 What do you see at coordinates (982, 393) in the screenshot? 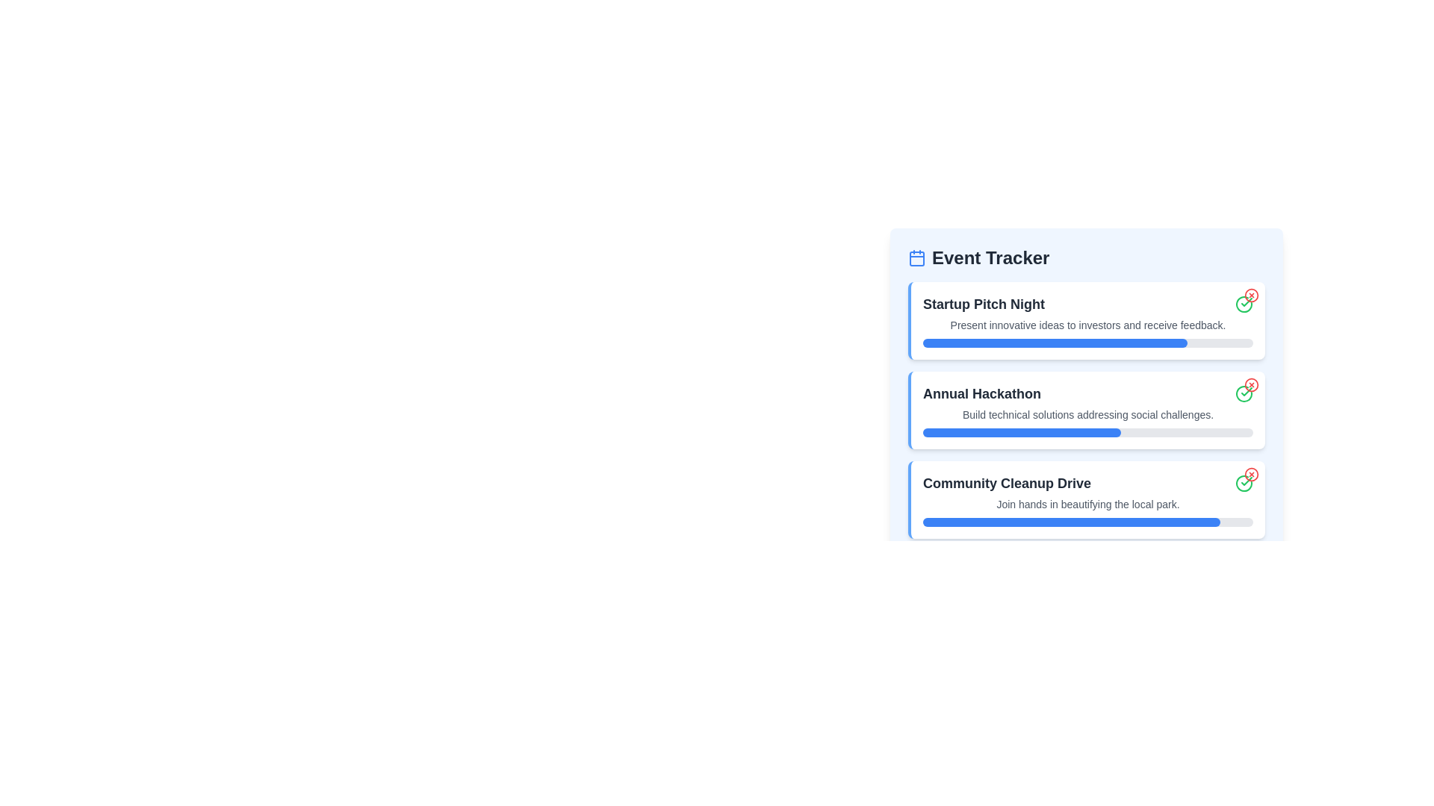
I see `text label displaying 'Annual Hackathon' in bold and large font, located in the middle section of the 'Event Tracker' widget` at bounding box center [982, 393].